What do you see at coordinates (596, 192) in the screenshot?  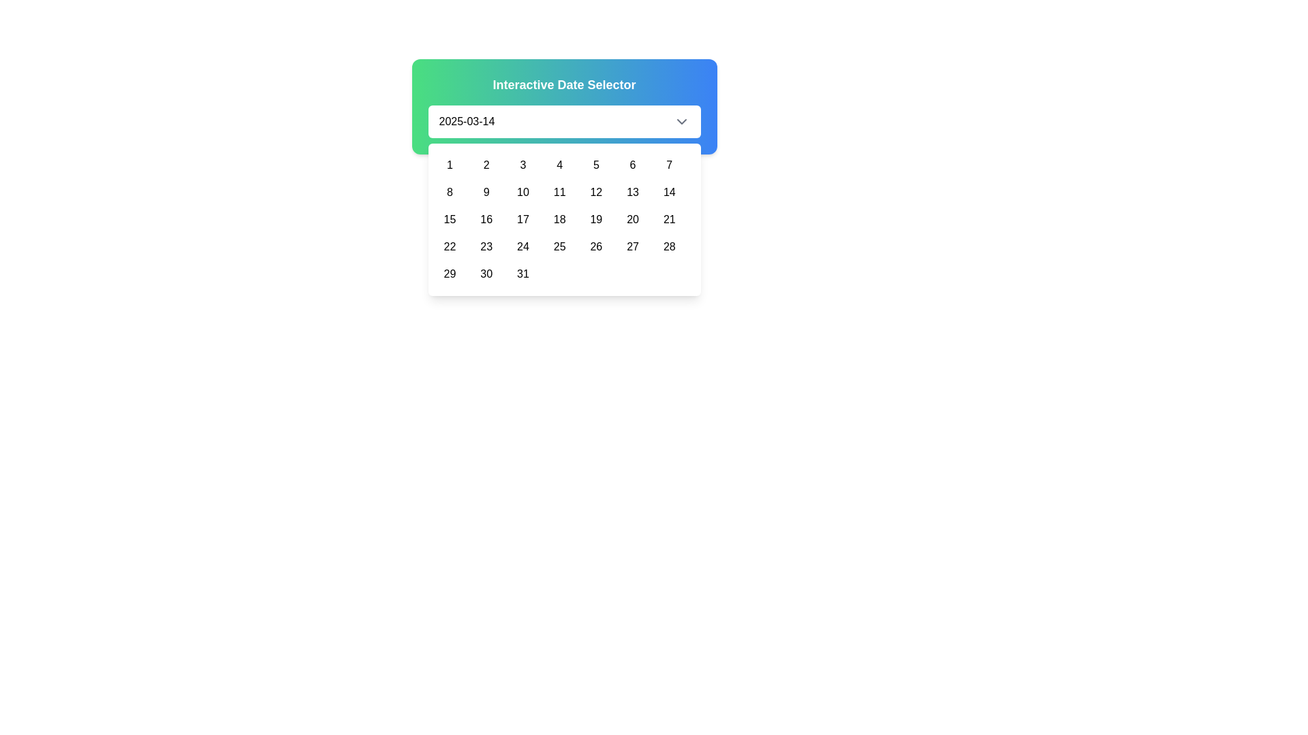 I see `the square button with the text '12' centered within it, located in the second row and fifth column of the grid layout` at bounding box center [596, 192].